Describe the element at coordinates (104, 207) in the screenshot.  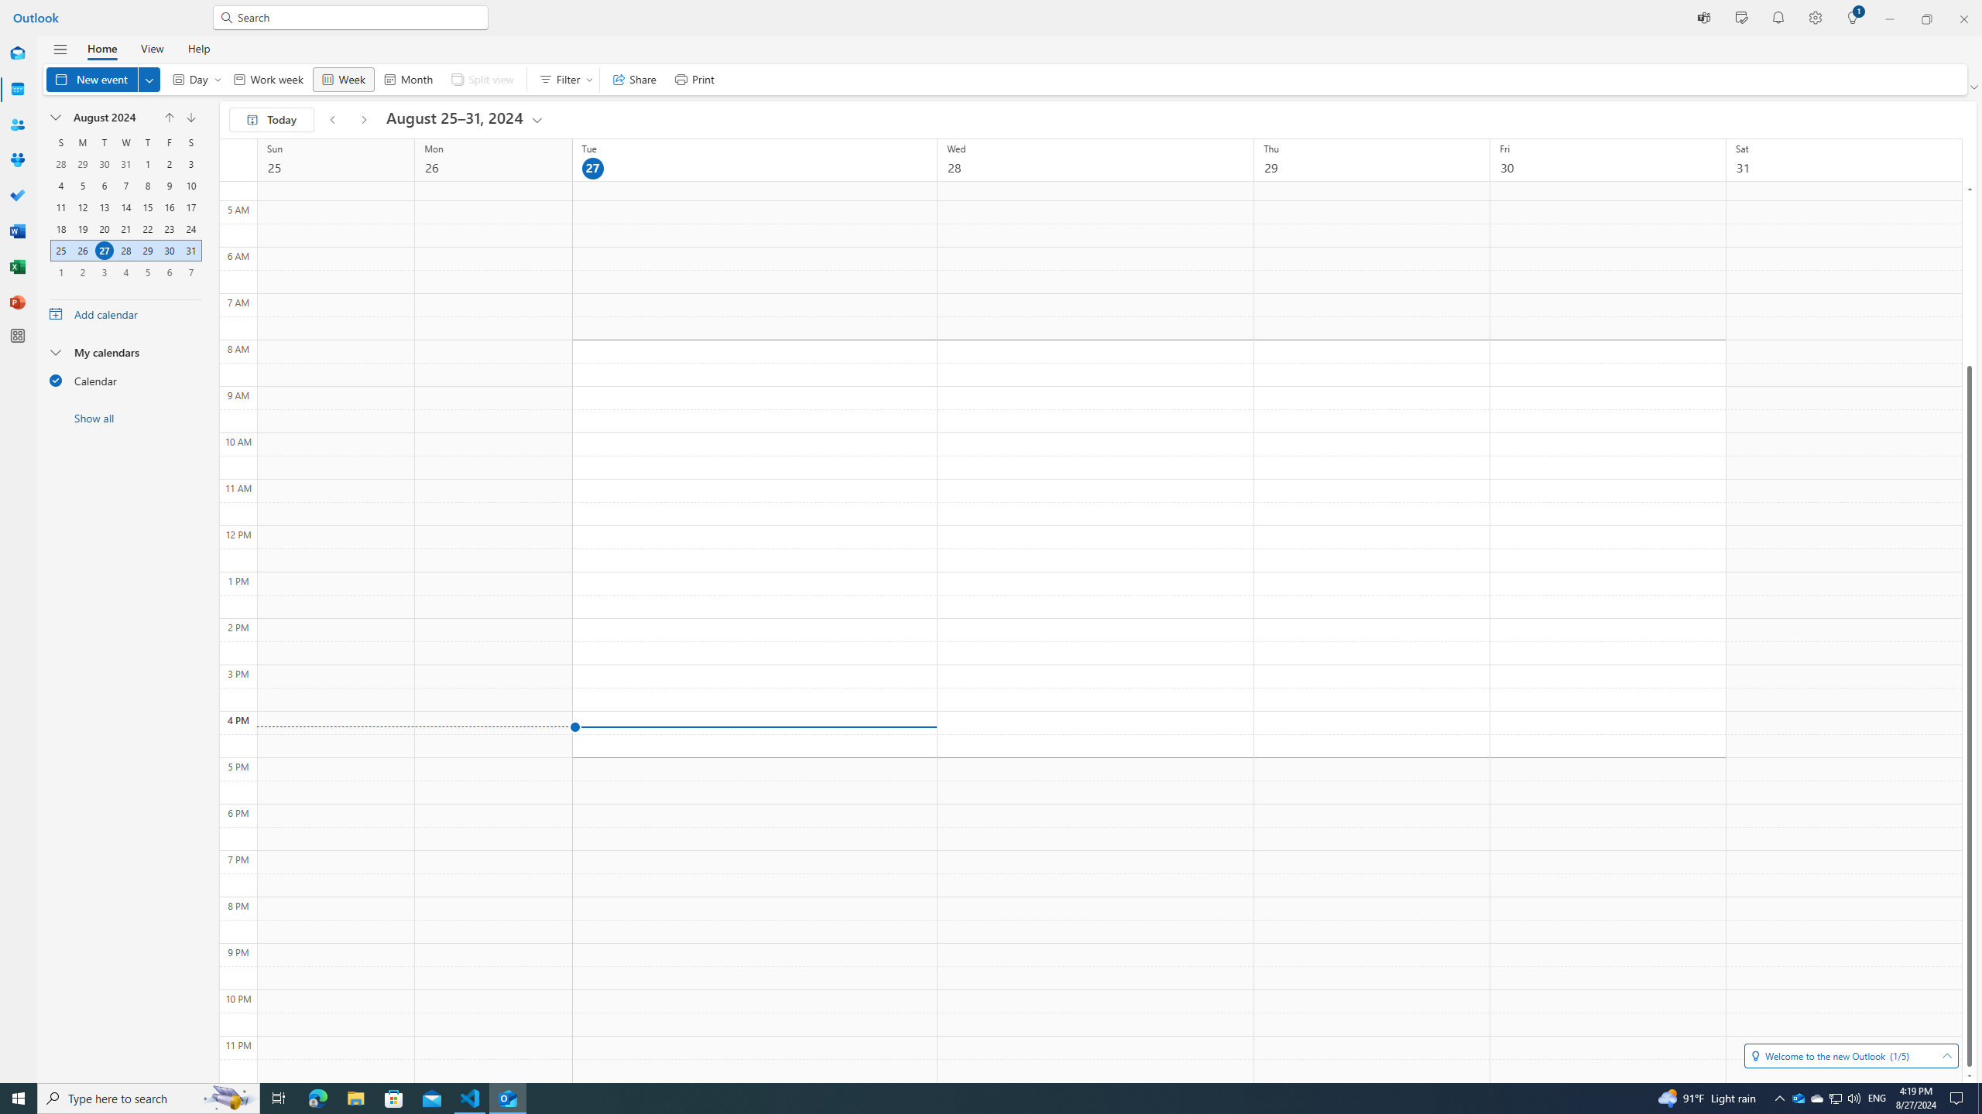
I see `'13, August, 2024'` at that location.